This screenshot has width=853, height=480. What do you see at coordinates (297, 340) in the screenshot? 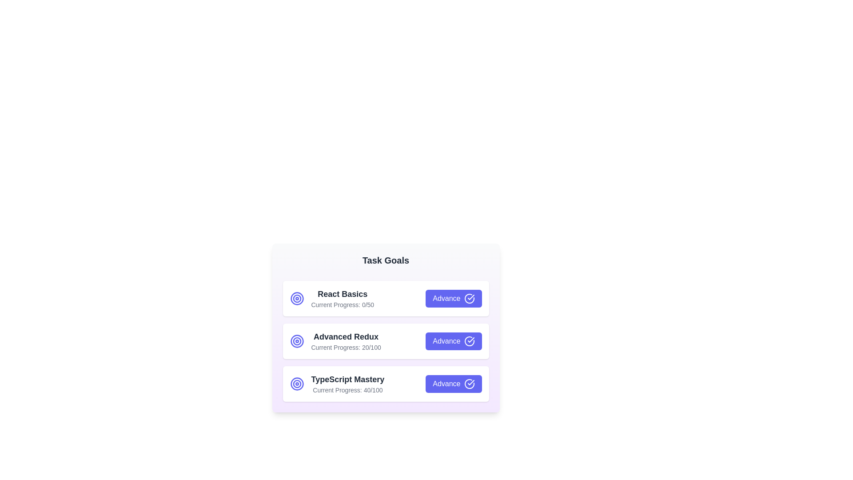
I see `the second circle in the SVG graphic located to the left of the 'React Basics' task` at bounding box center [297, 340].